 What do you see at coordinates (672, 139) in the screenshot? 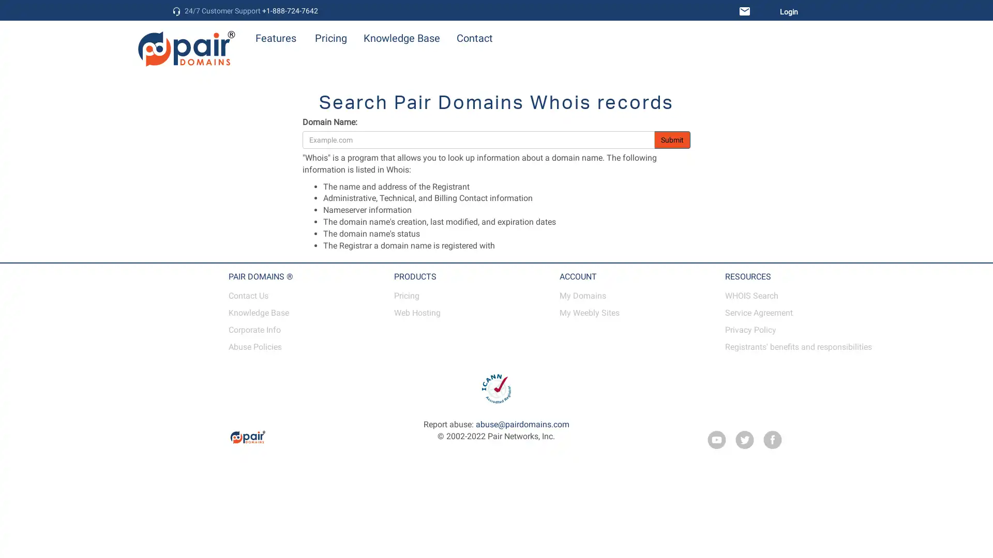
I see `Submit` at bounding box center [672, 139].